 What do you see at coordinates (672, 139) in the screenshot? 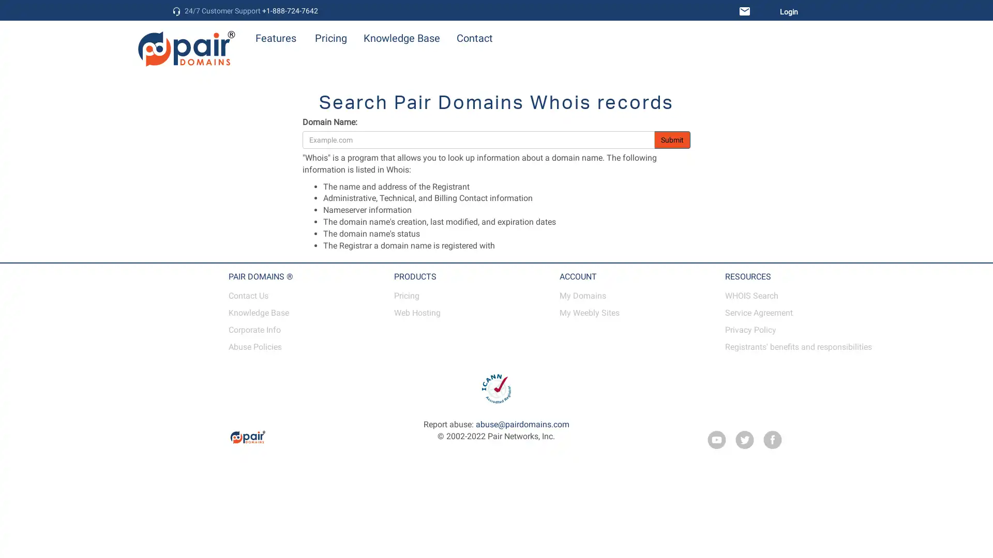
I see `Submit` at bounding box center [672, 139].